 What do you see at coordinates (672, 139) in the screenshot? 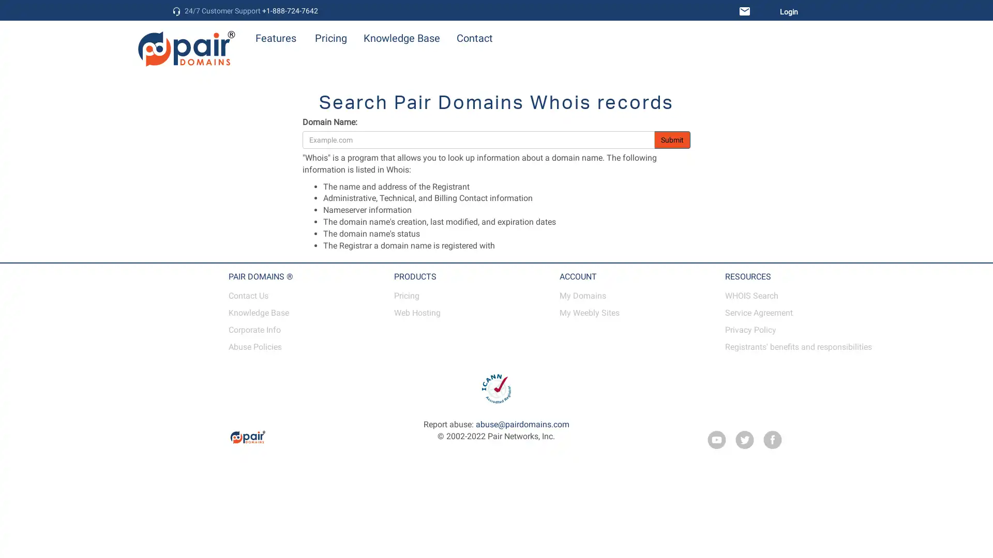
I see `Submit` at bounding box center [672, 139].